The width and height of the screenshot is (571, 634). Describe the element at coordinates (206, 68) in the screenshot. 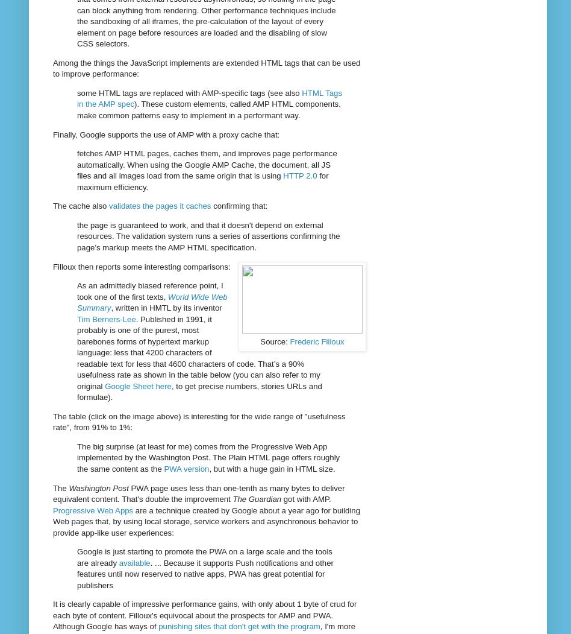

I see `'Among the things the JavaScript implements are extended HTML tags that can be used to improve performance:'` at that location.